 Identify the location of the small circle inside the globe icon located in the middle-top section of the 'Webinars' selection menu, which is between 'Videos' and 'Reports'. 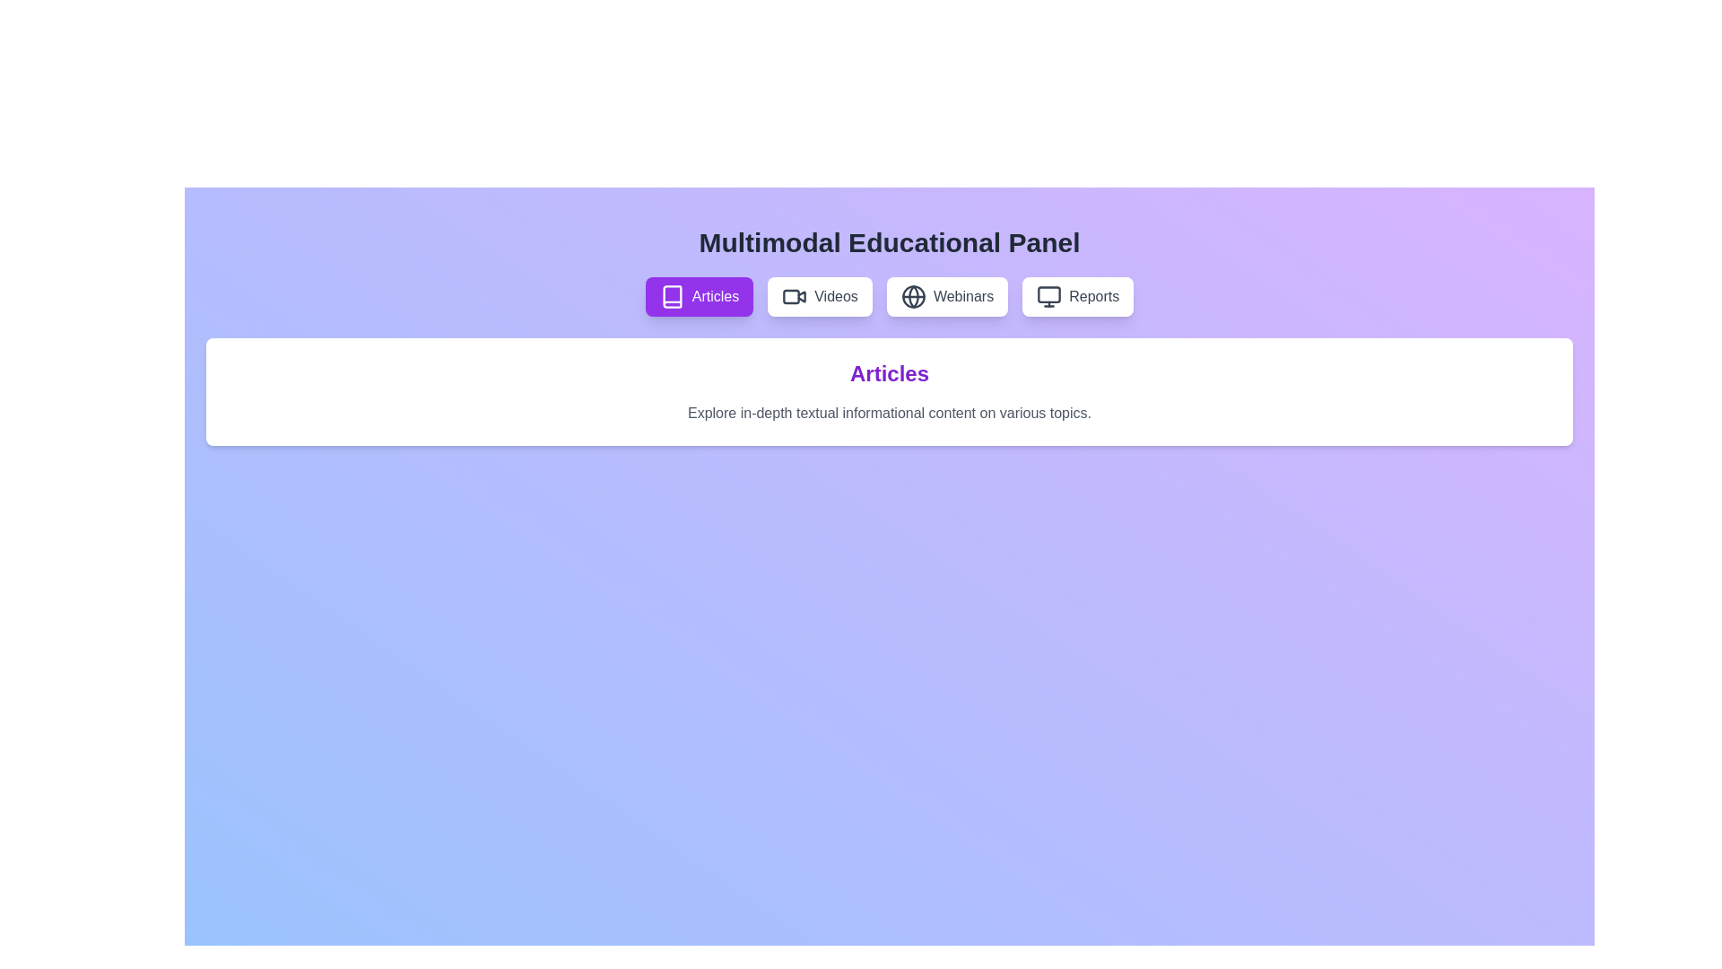
(913, 296).